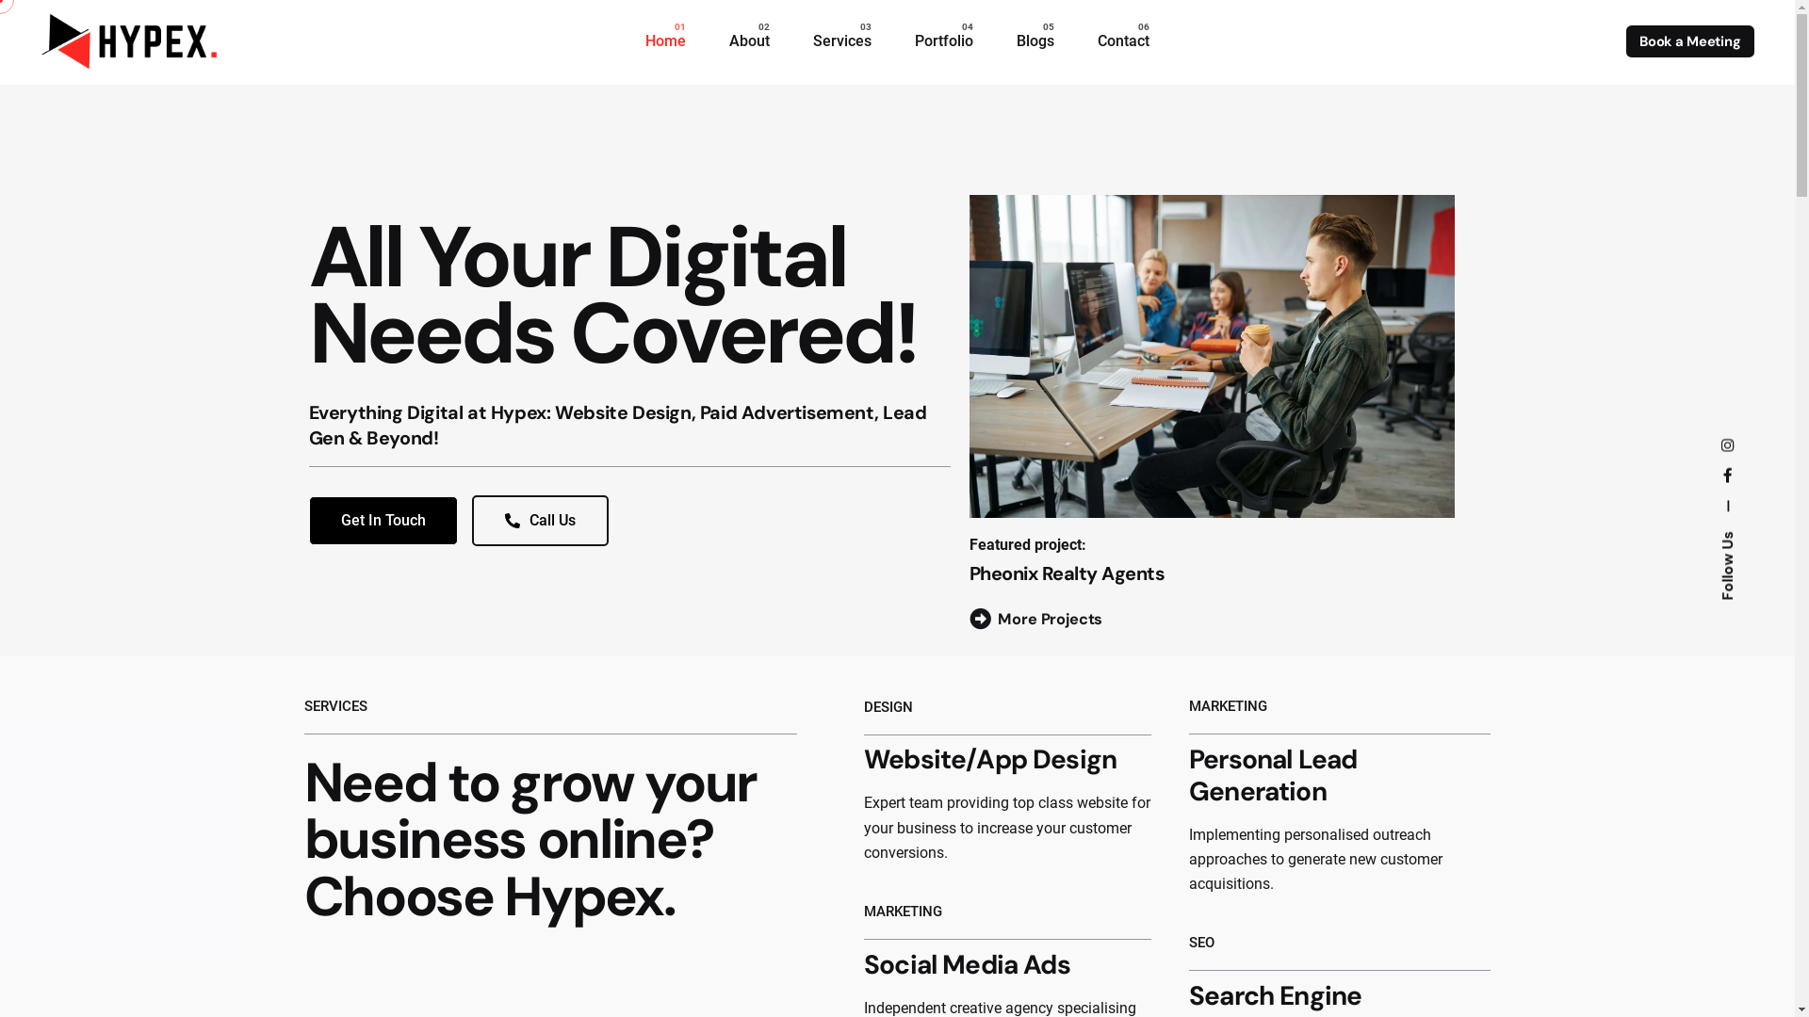  What do you see at coordinates (1123, 40) in the screenshot?
I see `'Contact'` at bounding box center [1123, 40].